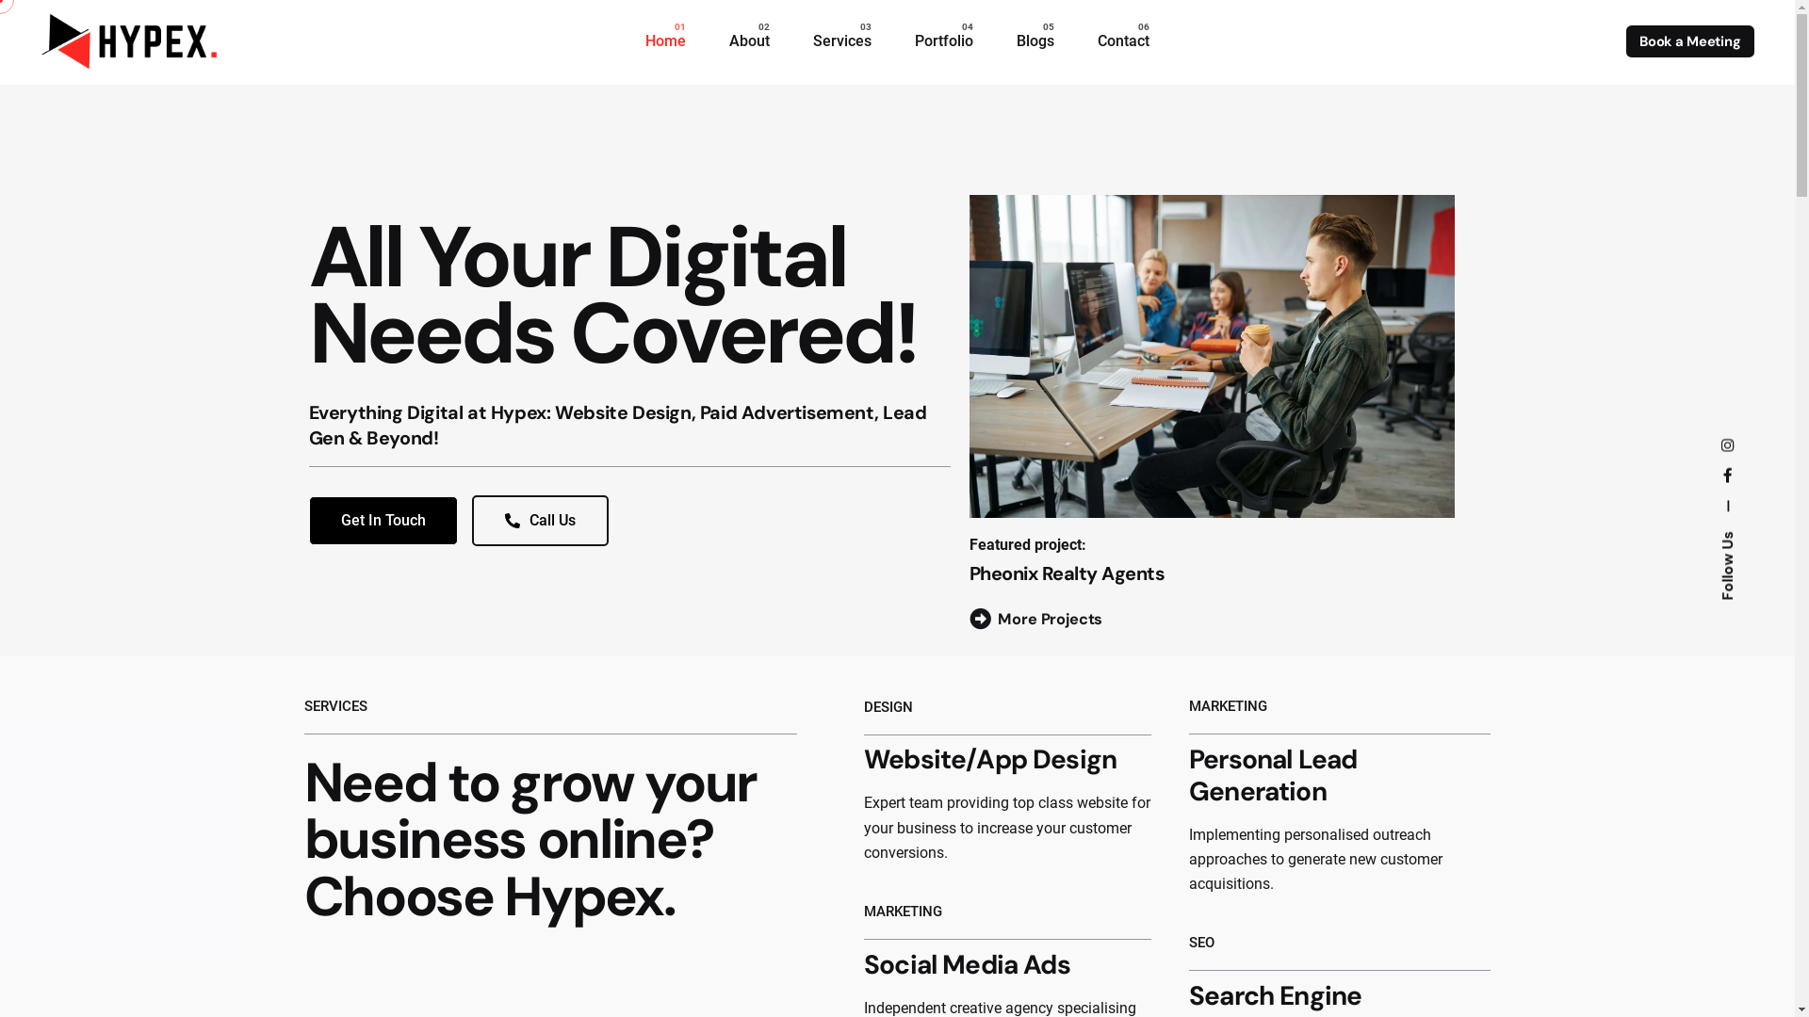  What do you see at coordinates (1123, 40) in the screenshot?
I see `'Contact'` at bounding box center [1123, 40].